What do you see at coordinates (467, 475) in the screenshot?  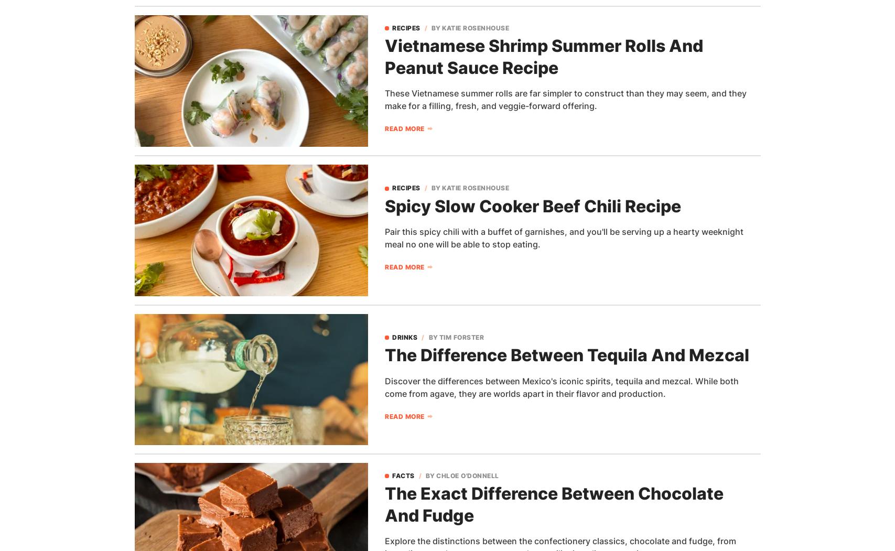 I see `'Chloe O'Donnell'` at bounding box center [467, 475].